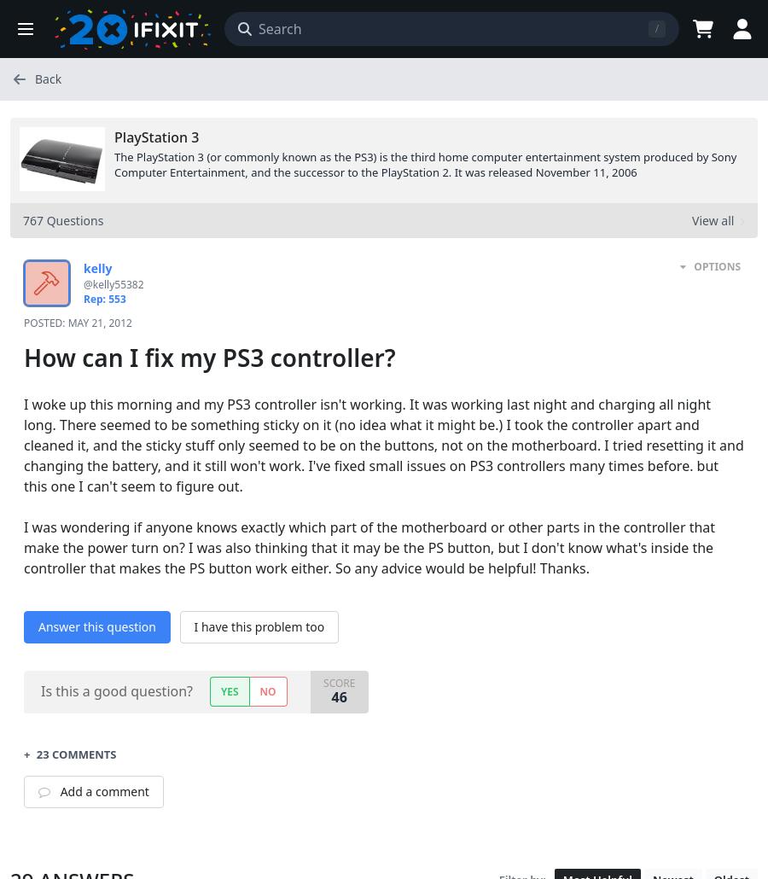  What do you see at coordinates (156, 832) in the screenshot?
I see `'by'` at bounding box center [156, 832].